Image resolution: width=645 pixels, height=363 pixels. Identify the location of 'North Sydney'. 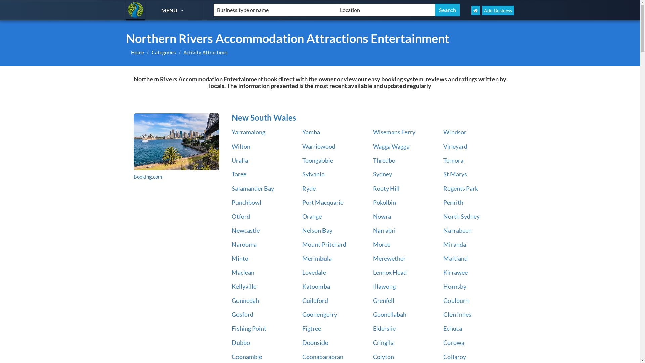
(461, 216).